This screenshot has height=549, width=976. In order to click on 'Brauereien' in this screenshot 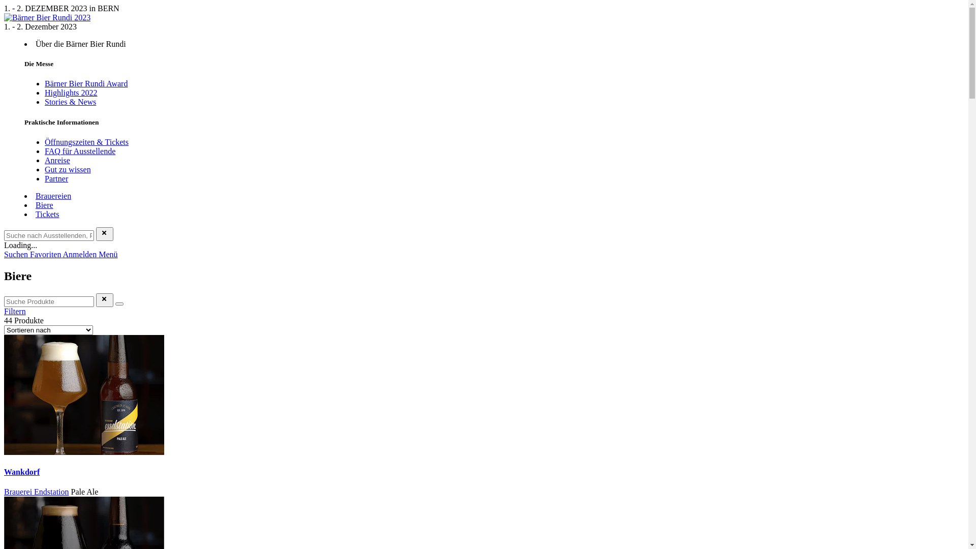, I will do `click(53, 196)`.